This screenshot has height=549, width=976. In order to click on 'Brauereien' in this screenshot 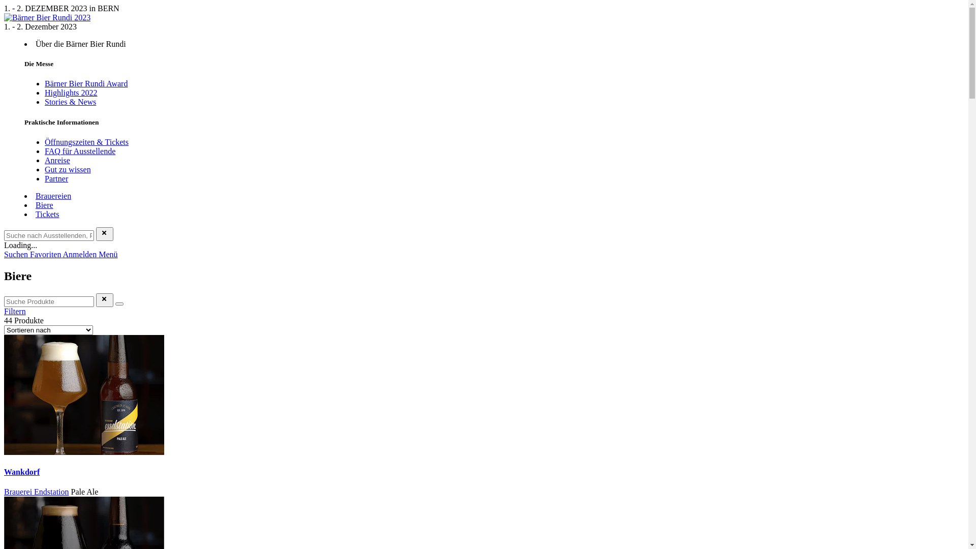, I will do `click(53, 196)`.